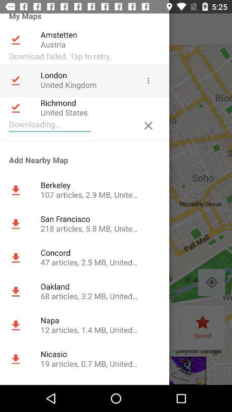 Image resolution: width=232 pixels, height=412 pixels. I want to click on the location_crosshair icon, so click(211, 282).